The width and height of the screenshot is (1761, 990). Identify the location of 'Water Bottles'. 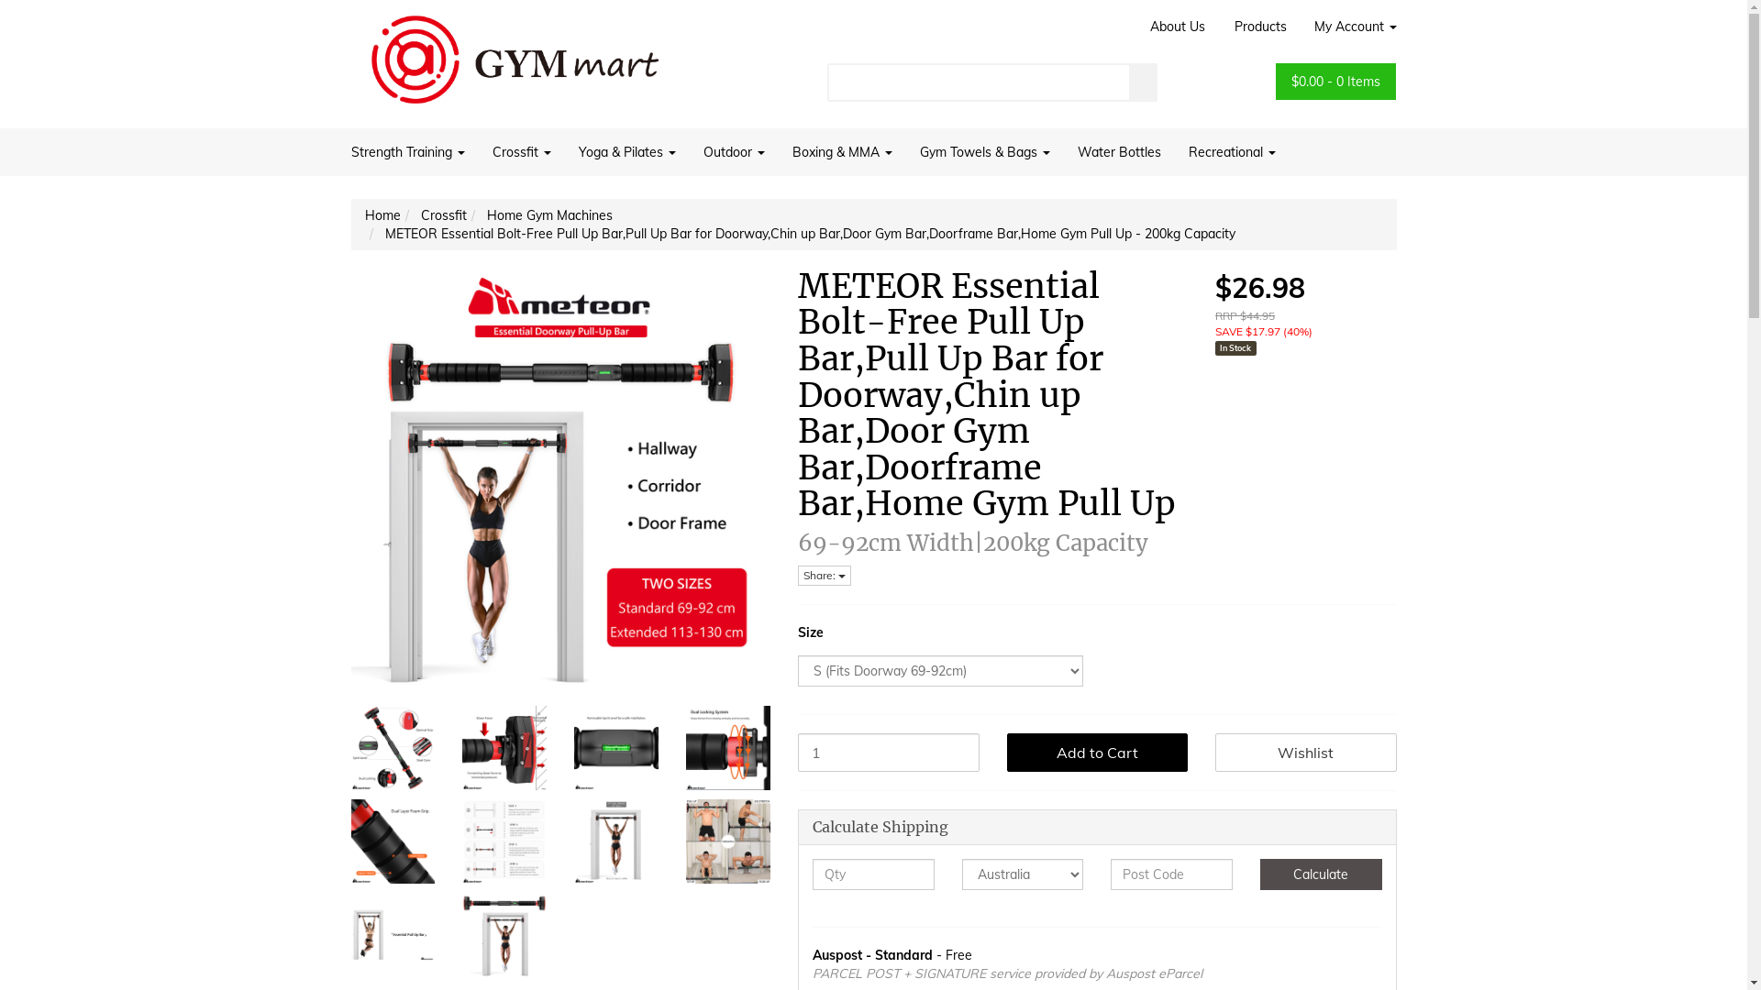
(1118, 150).